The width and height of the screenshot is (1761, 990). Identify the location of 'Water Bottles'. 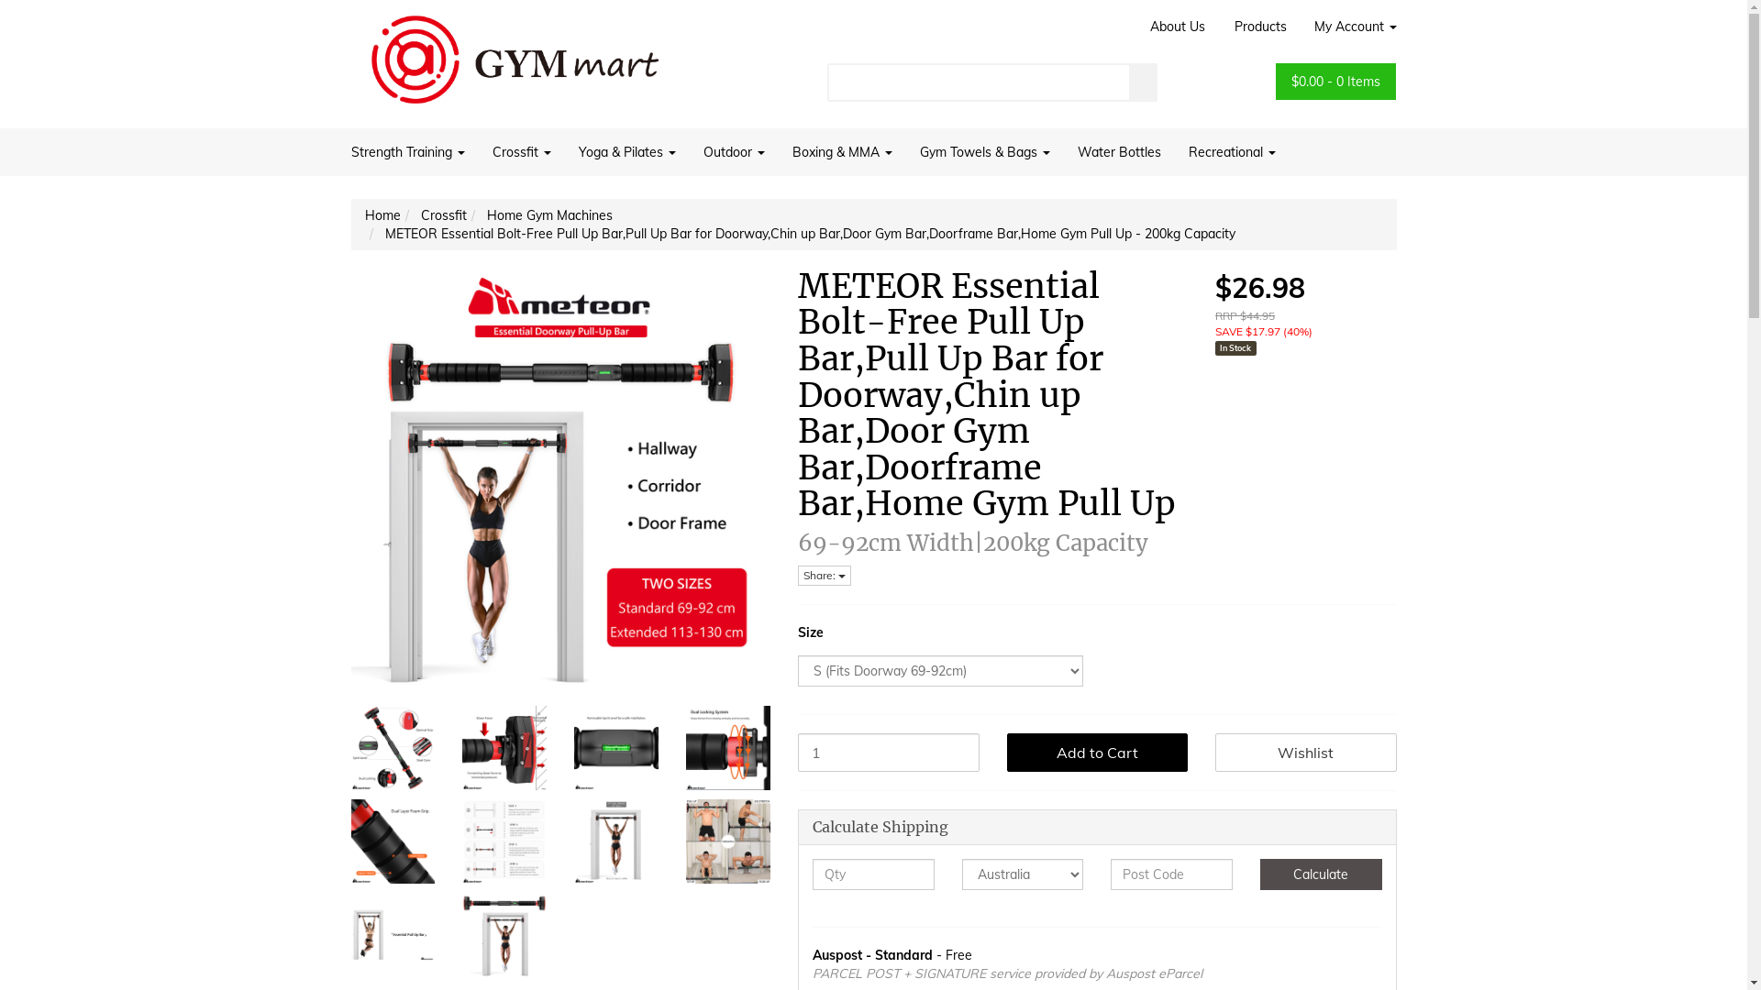
(1118, 150).